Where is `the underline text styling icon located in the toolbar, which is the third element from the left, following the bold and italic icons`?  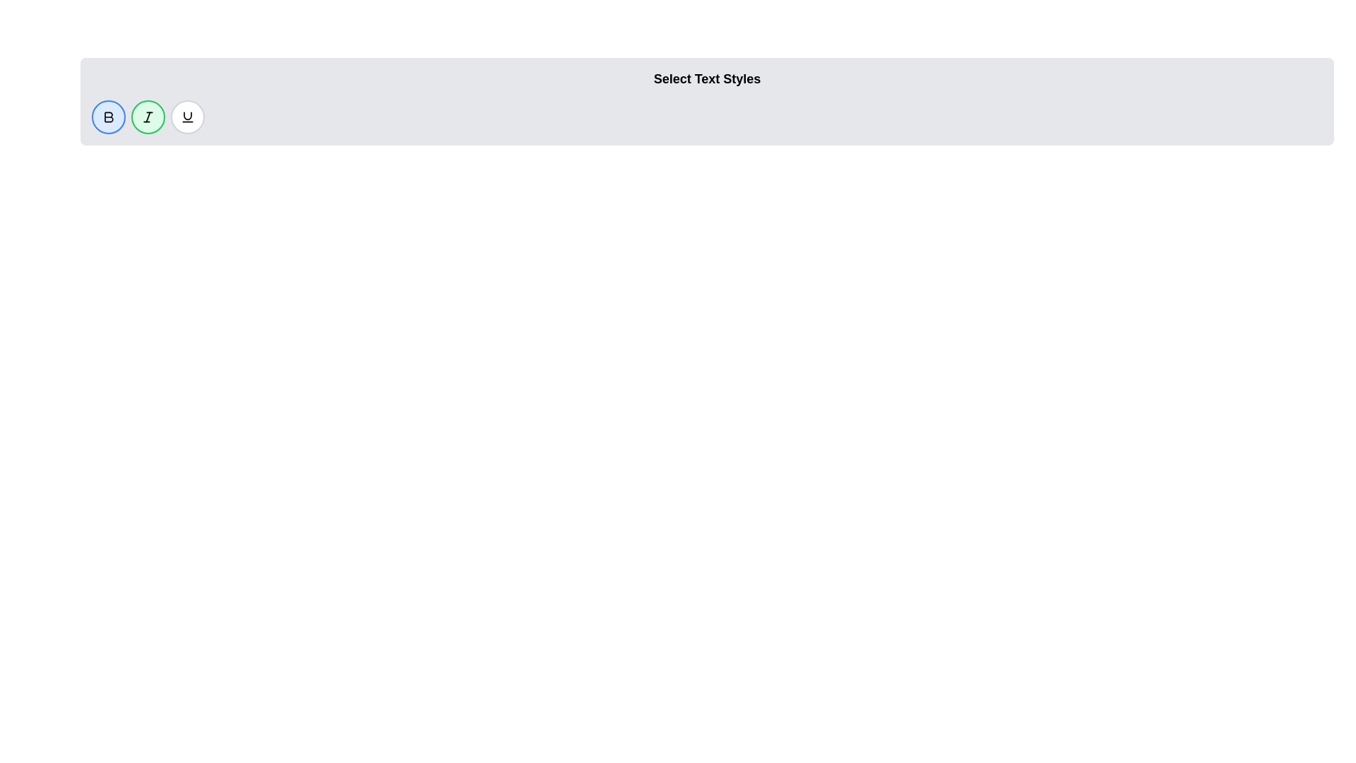
the underline text styling icon located in the toolbar, which is the third element from the left, following the bold and italic icons is located at coordinates (186, 115).